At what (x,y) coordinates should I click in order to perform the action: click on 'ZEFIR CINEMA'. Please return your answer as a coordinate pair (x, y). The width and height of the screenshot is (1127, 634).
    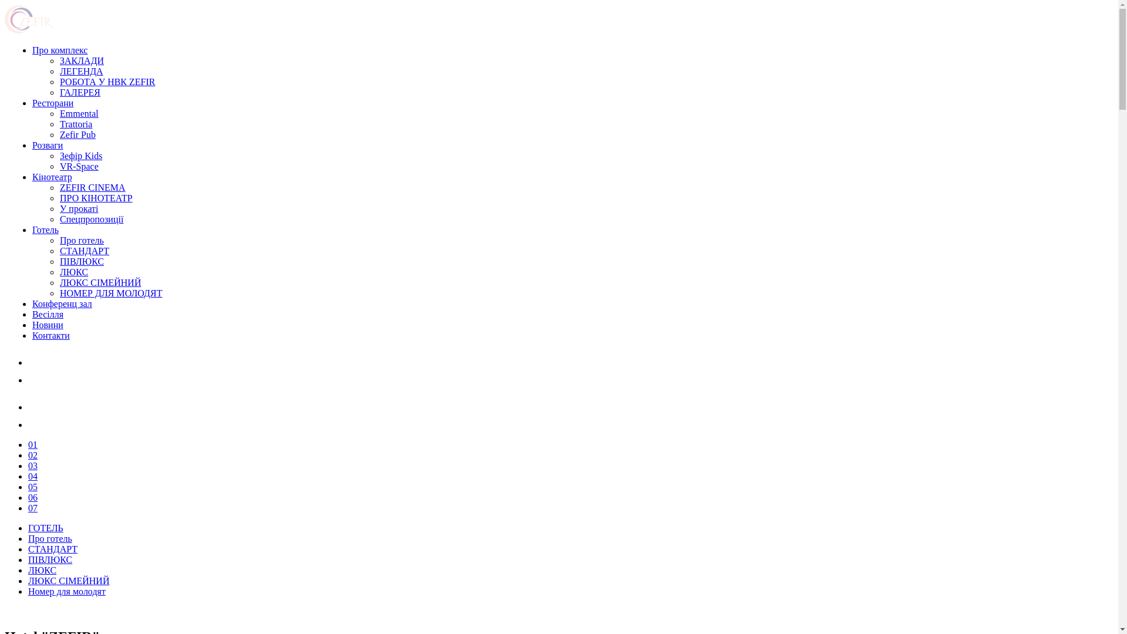
    Looking at the image, I should click on (92, 187).